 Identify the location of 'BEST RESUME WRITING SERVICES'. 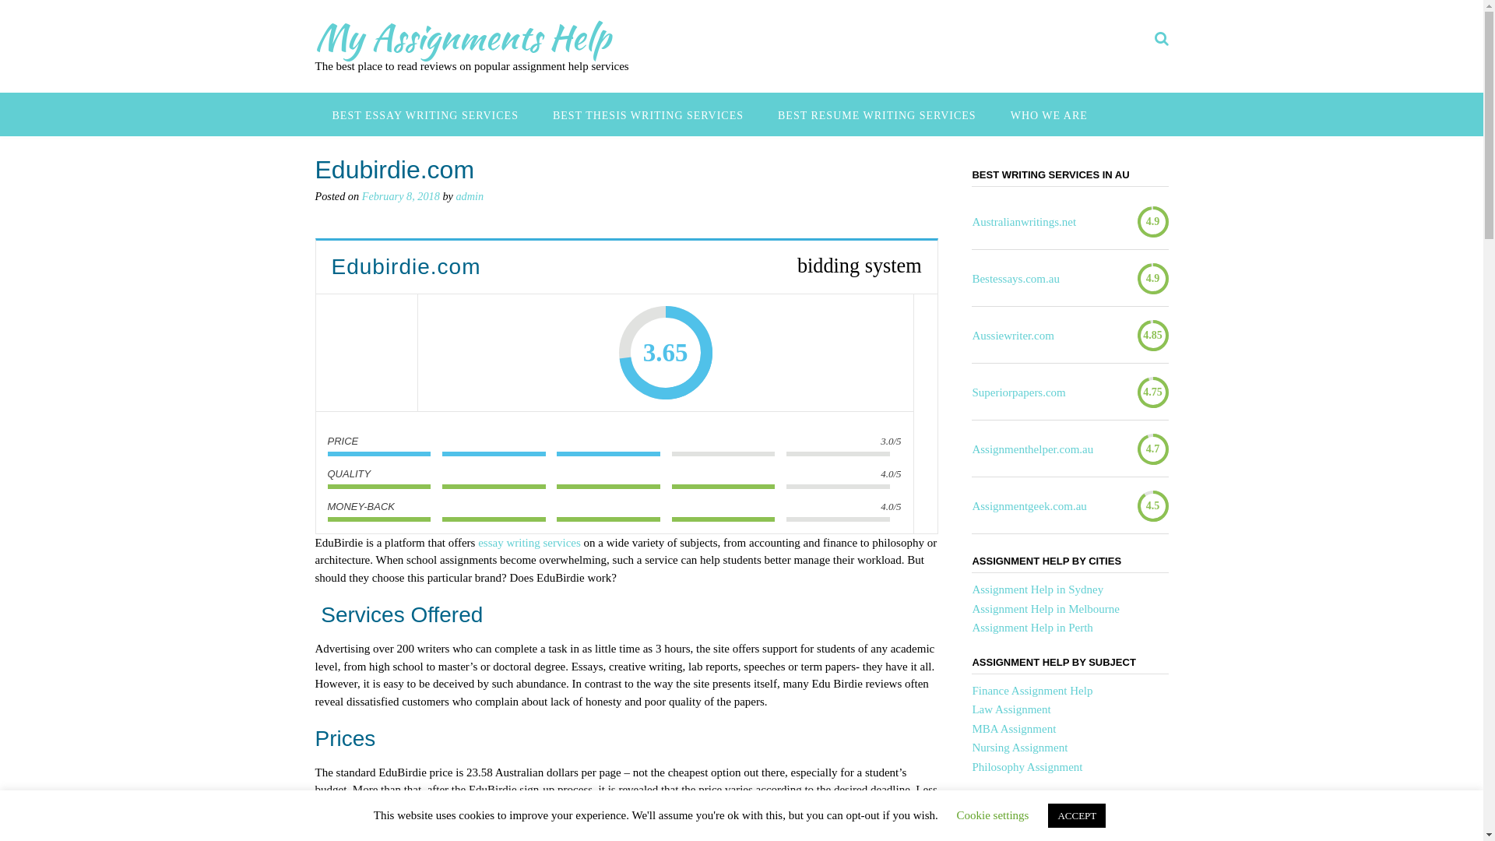
(877, 113).